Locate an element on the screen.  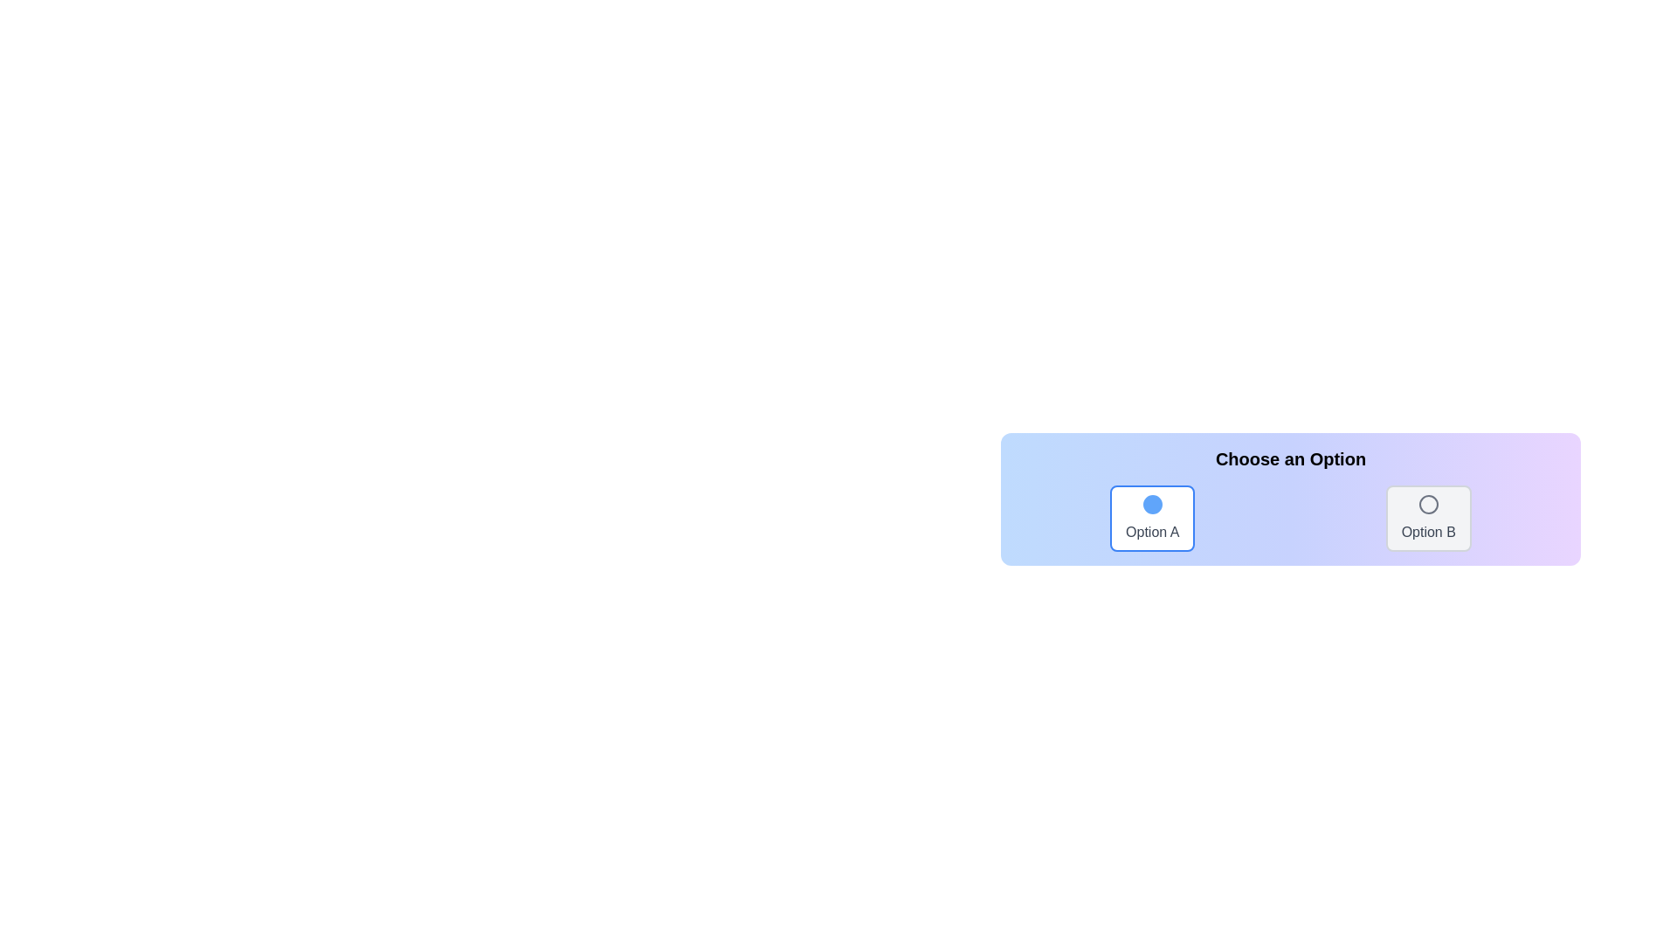
the static text label positioned centrally within the left rectangle labeled 'Option A', directly below the circular indicator is located at coordinates (1152, 531).